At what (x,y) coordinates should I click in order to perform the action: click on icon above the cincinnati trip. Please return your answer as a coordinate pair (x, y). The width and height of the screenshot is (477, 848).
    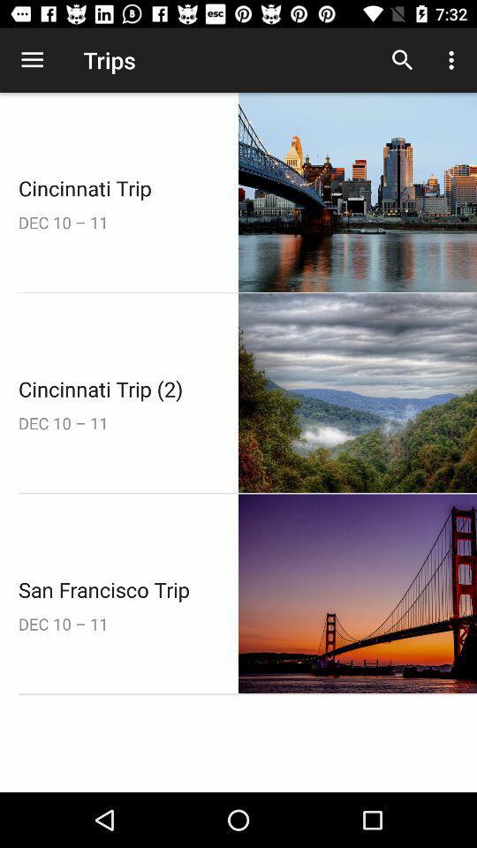
    Looking at the image, I should click on (32, 60).